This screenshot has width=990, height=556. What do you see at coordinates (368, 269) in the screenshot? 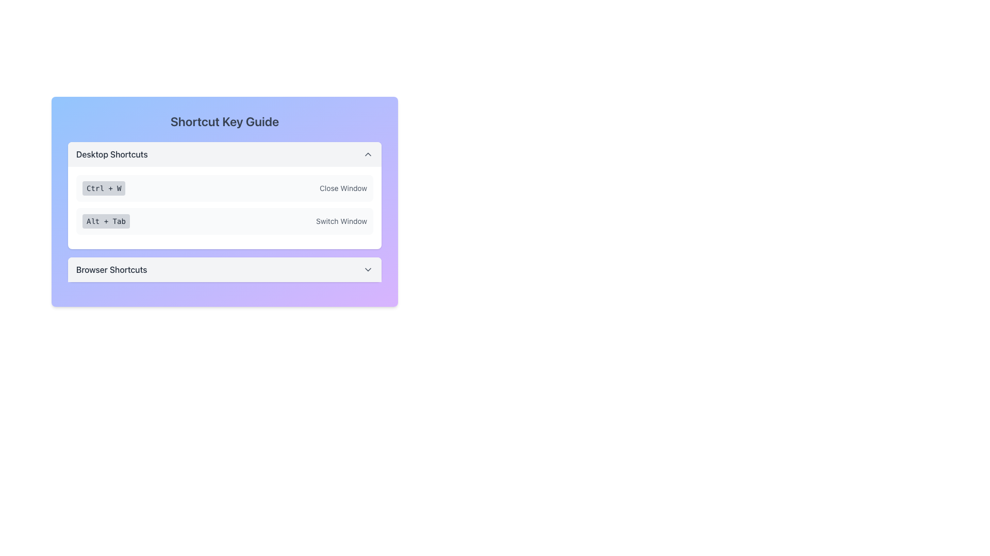
I see `the chevron-down icon indicating the collapsible or expandable panel for the 'Browser Shortcuts' section` at bounding box center [368, 269].